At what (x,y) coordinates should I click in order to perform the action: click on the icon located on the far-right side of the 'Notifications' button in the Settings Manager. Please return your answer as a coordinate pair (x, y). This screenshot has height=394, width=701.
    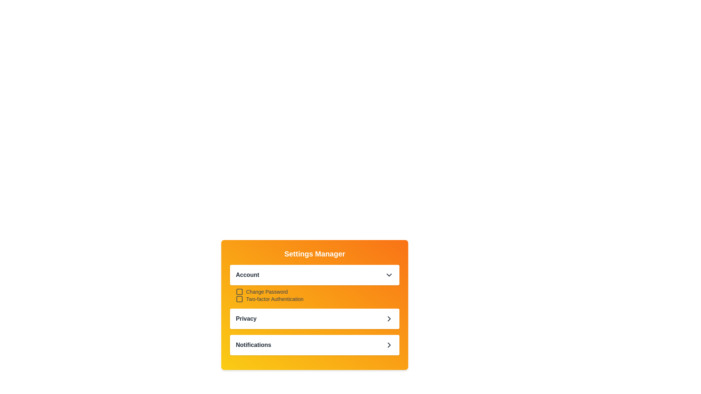
    Looking at the image, I should click on (388, 345).